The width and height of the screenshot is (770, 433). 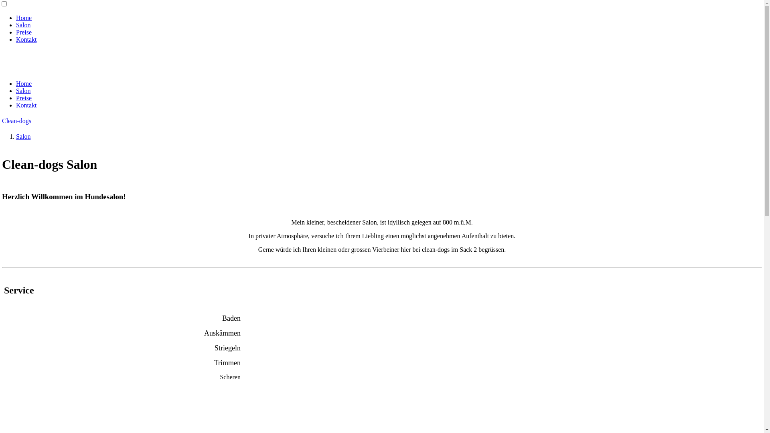 I want to click on 'Kontakt', so click(x=26, y=105).